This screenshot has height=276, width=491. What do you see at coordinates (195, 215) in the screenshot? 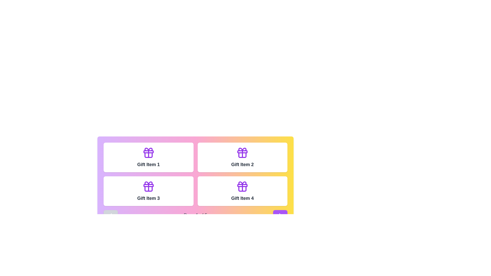
I see `the right arrow button on the Pagination control bar, which features a gradient background and a label 'Page 1 of 5' with interactive navigation buttons` at bounding box center [195, 215].